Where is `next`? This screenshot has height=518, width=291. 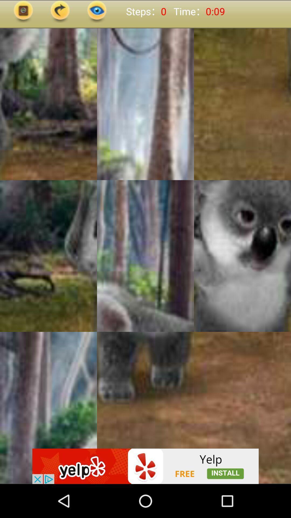 next is located at coordinates (60, 11).